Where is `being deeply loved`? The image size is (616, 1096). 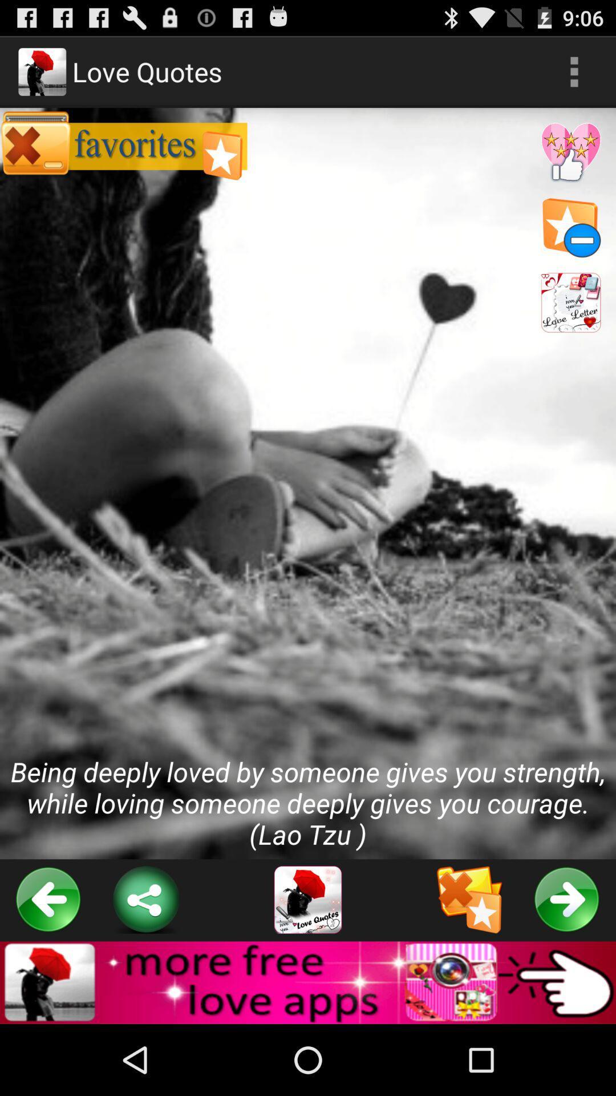
being deeply loved is located at coordinates (308, 483).